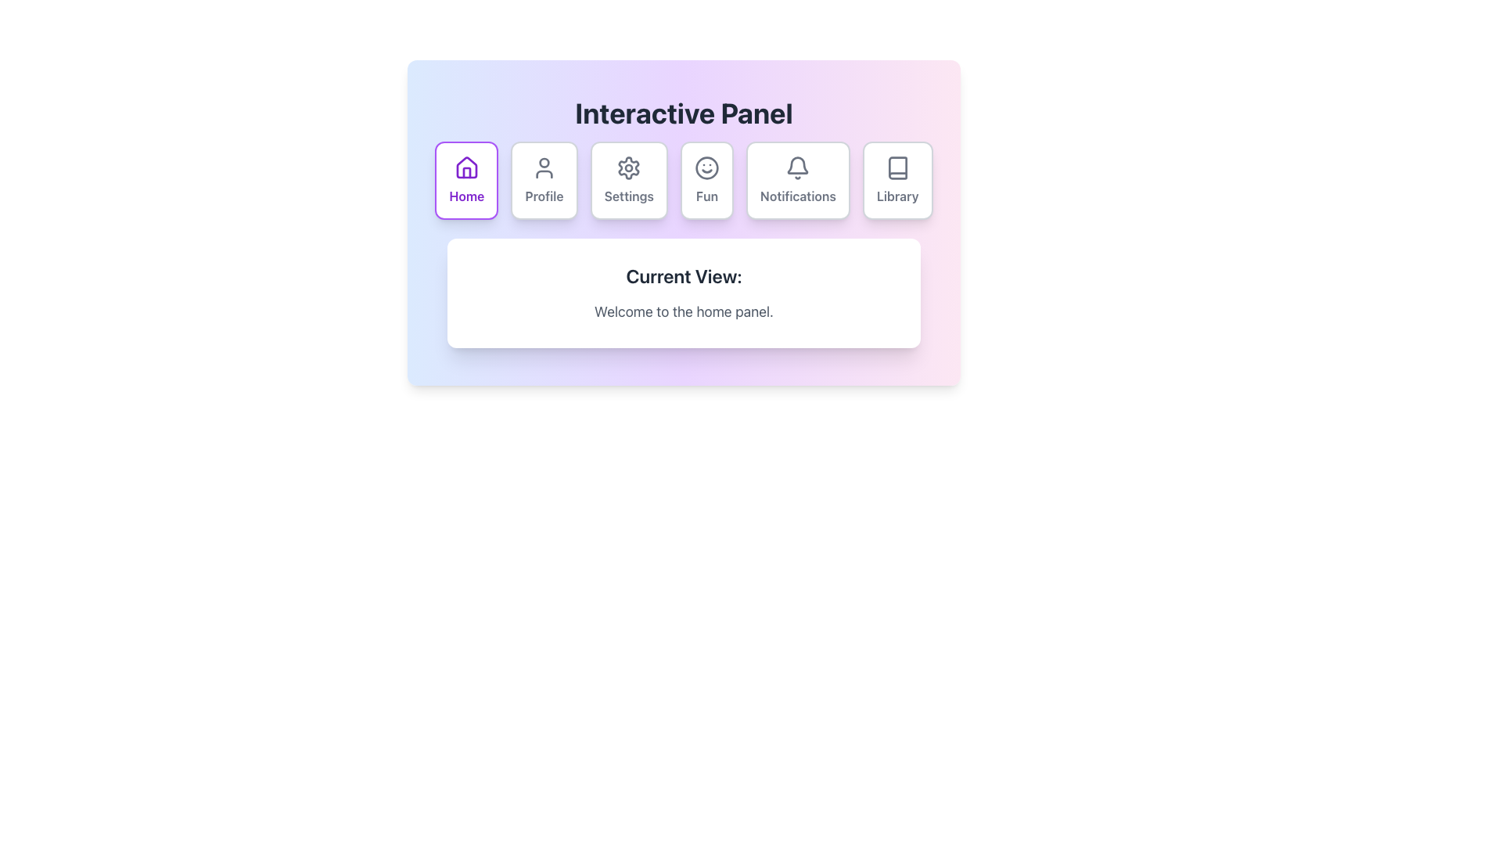 This screenshot has width=1502, height=845. I want to click on the Notifications icon, which is a bell-shaped outline design located in the top menu bar, specifically the fourth button, between the Fun and Library buttons, so click(798, 165).